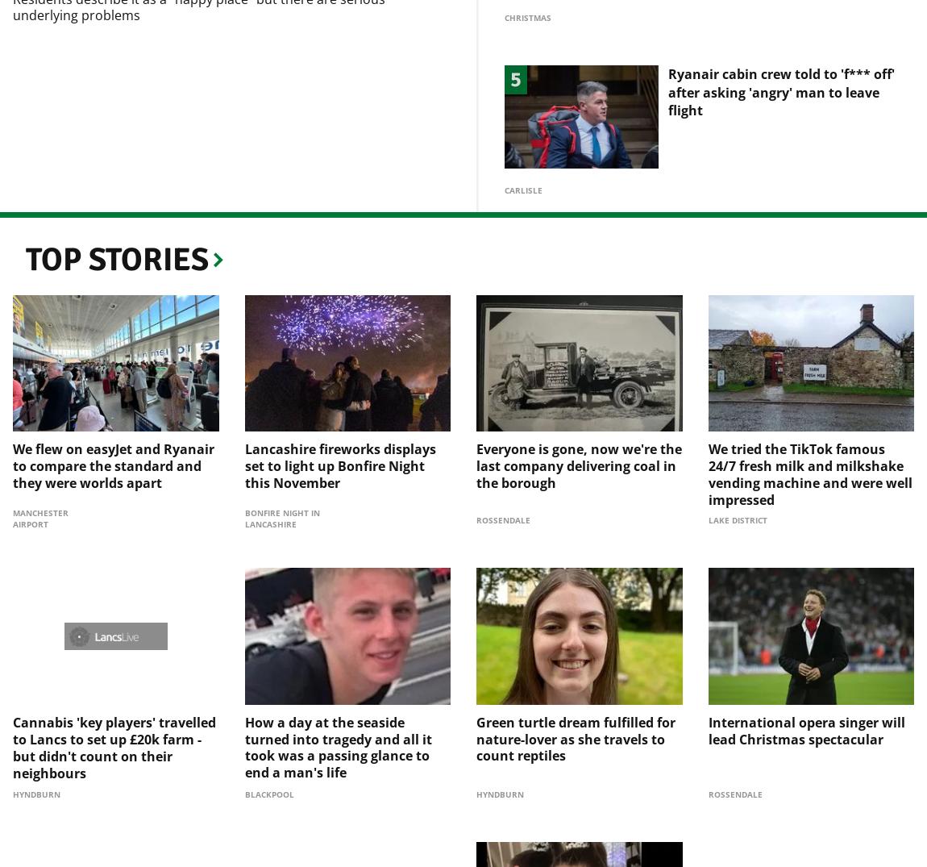 This screenshot has height=867, width=927. I want to click on 'Blackpool', so click(268, 767).